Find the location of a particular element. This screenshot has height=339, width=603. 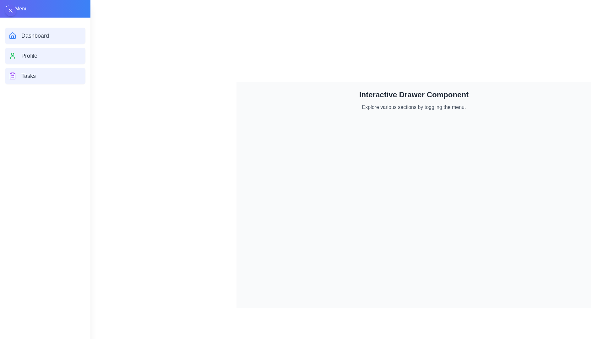

button with the 'X' icon located at the top-left corner of the screen to toggle the drawer menu is located at coordinates (10, 11).